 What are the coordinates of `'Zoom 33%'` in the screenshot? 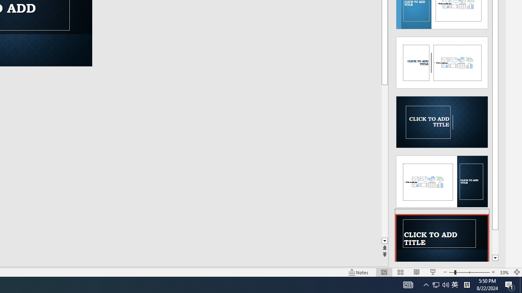 It's located at (504, 272).